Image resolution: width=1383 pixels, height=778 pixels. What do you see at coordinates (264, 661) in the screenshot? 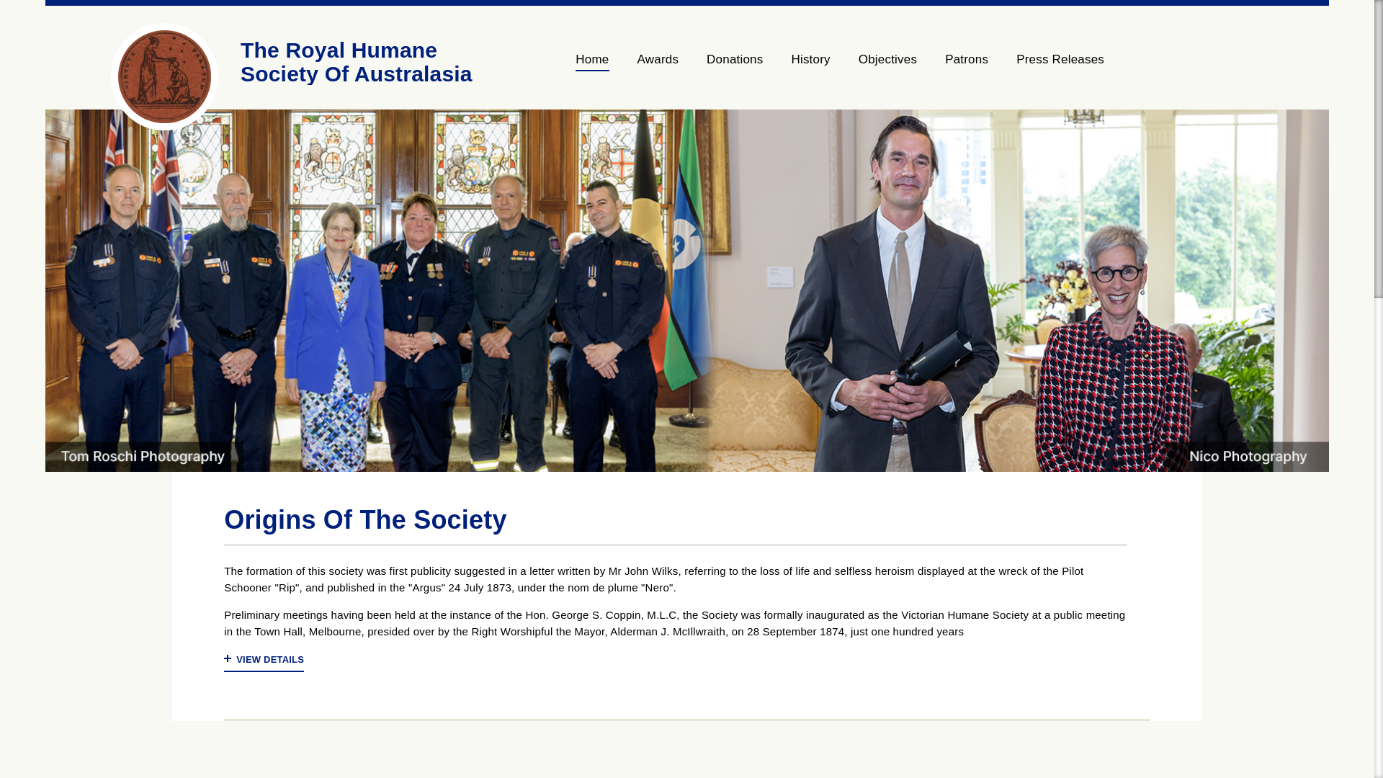
I see `'VIEW DETAILS'` at bounding box center [264, 661].